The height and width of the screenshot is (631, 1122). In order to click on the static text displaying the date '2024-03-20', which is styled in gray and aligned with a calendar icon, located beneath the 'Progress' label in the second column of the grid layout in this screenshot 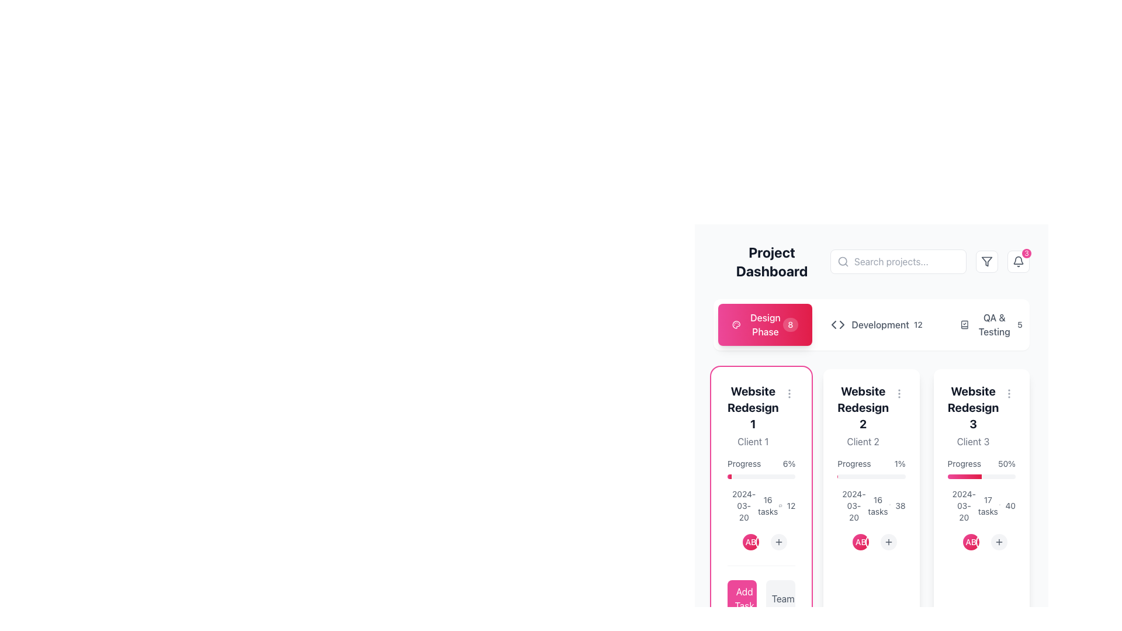, I will do `click(846, 505)`.